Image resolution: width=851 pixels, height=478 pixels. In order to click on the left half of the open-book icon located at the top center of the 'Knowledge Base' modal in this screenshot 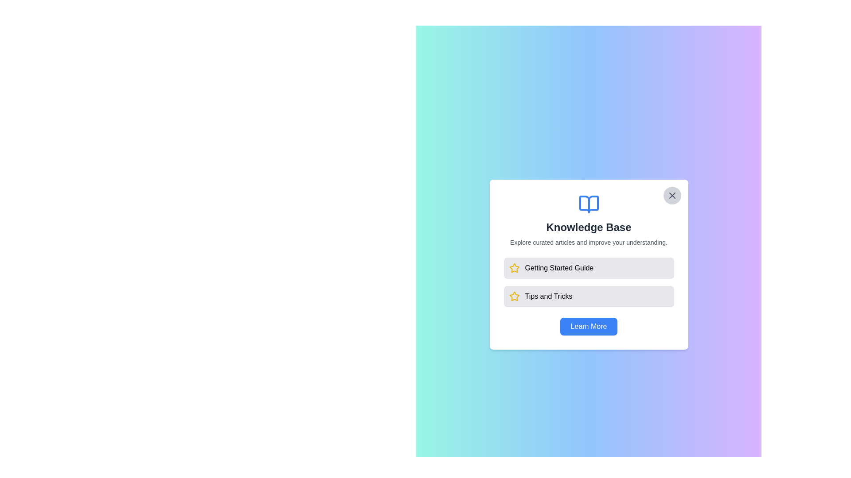, I will do `click(589, 204)`.